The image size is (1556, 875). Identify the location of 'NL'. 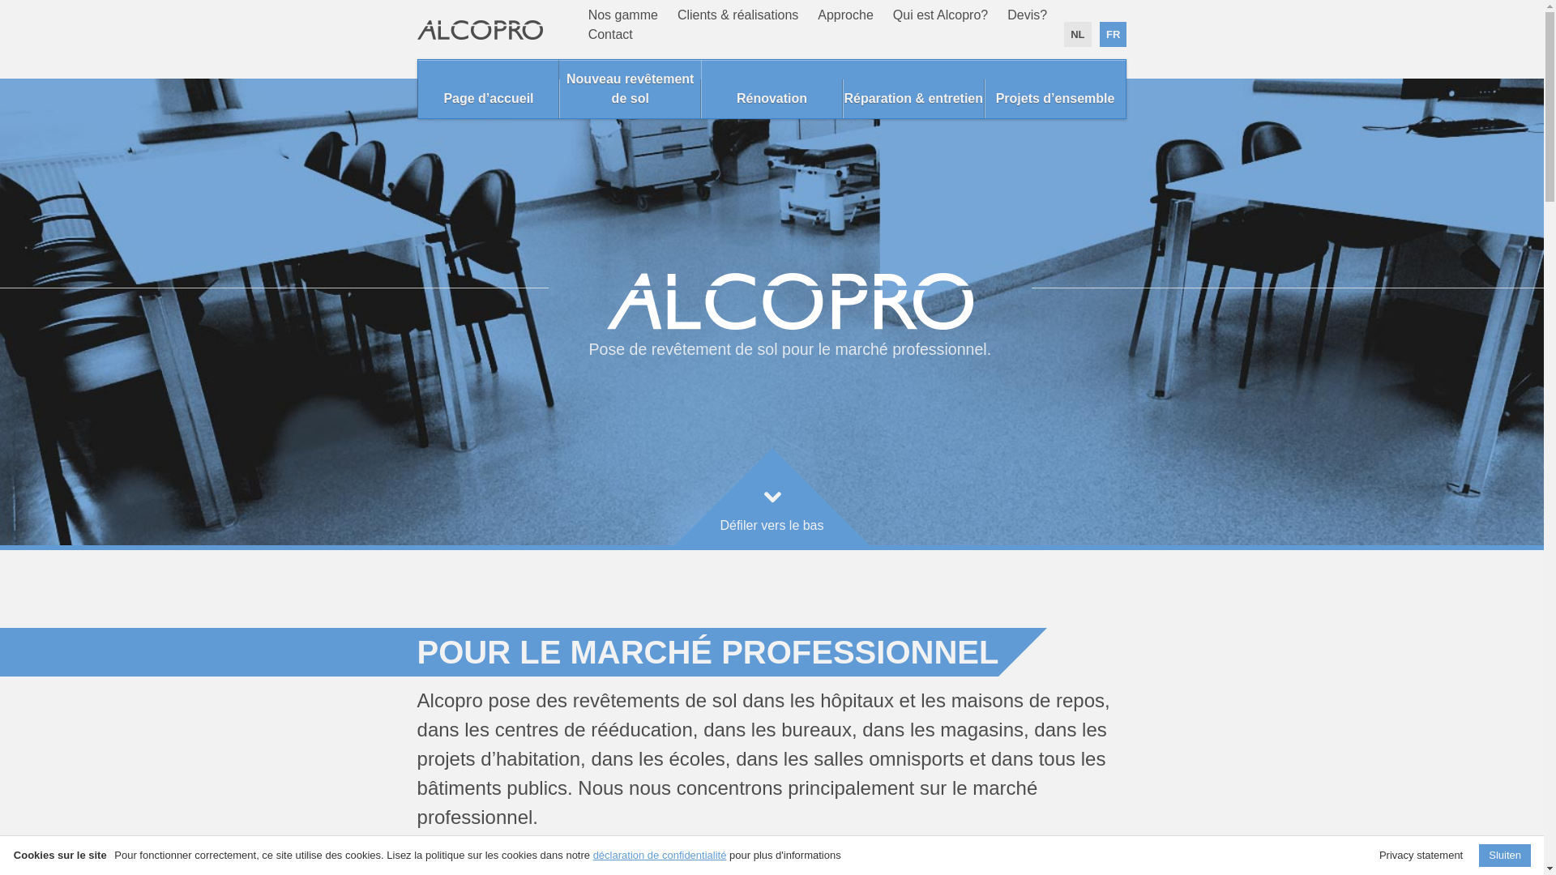
(1077, 34).